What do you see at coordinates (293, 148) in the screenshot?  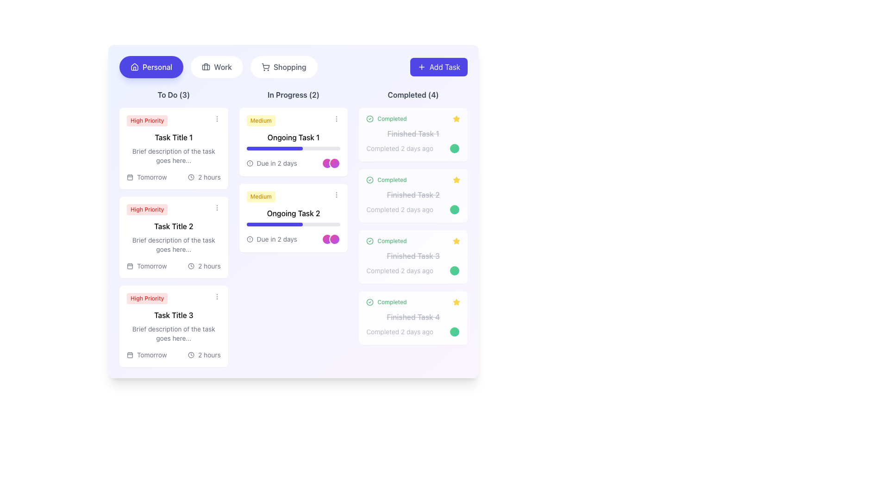 I see `the Progress bar located within the card labeled 'Ongoing Task 1' in the 'In Progress' column, positioned under the task title and above the 'Due in 2 days' text` at bounding box center [293, 148].